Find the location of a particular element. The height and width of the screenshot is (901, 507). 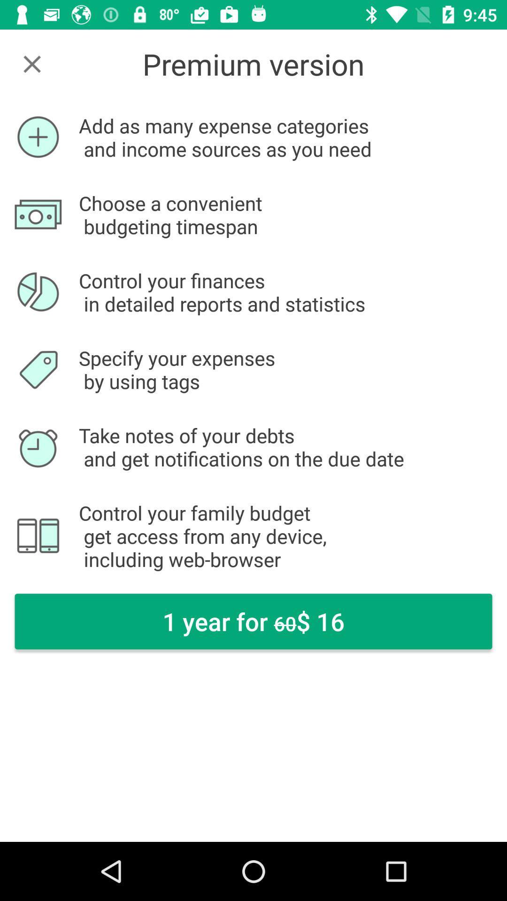

the close icon is located at coordinates (31, 63).